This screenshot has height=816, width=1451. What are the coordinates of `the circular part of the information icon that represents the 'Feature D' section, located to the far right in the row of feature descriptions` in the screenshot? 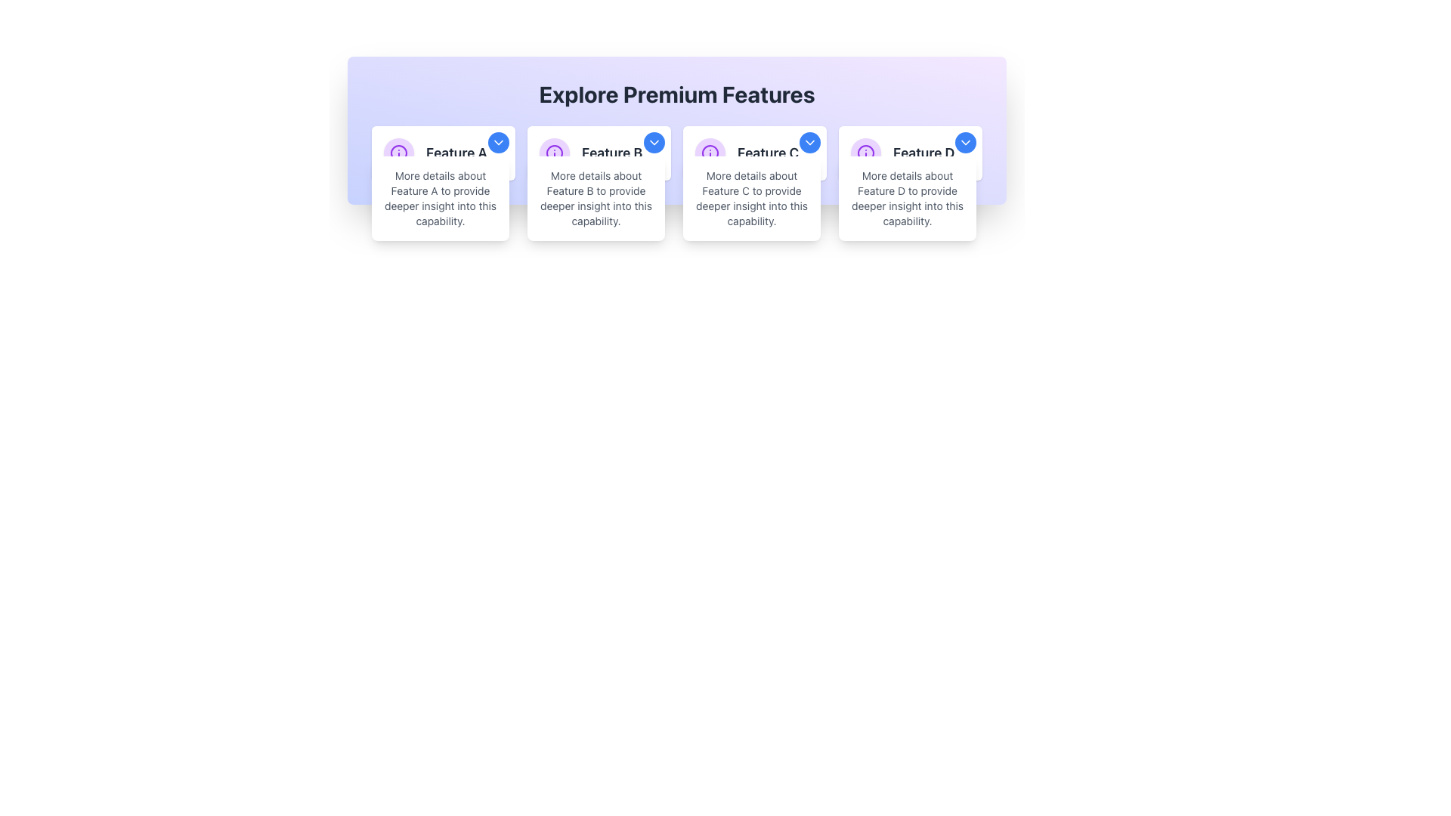 It's located at (866, 153).